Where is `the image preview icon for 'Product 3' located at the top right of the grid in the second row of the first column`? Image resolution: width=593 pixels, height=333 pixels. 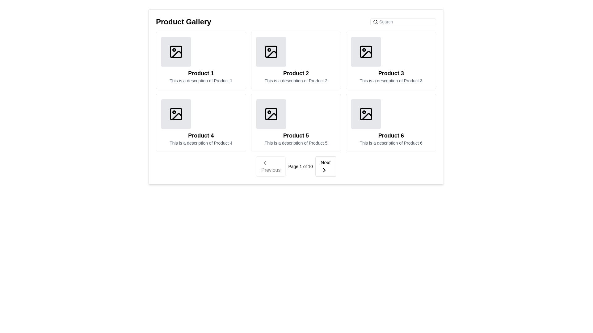
the image preview icon for 'Product 3' located at the top right of the grid in the second row of the first column is located at coordinates (366, 51).